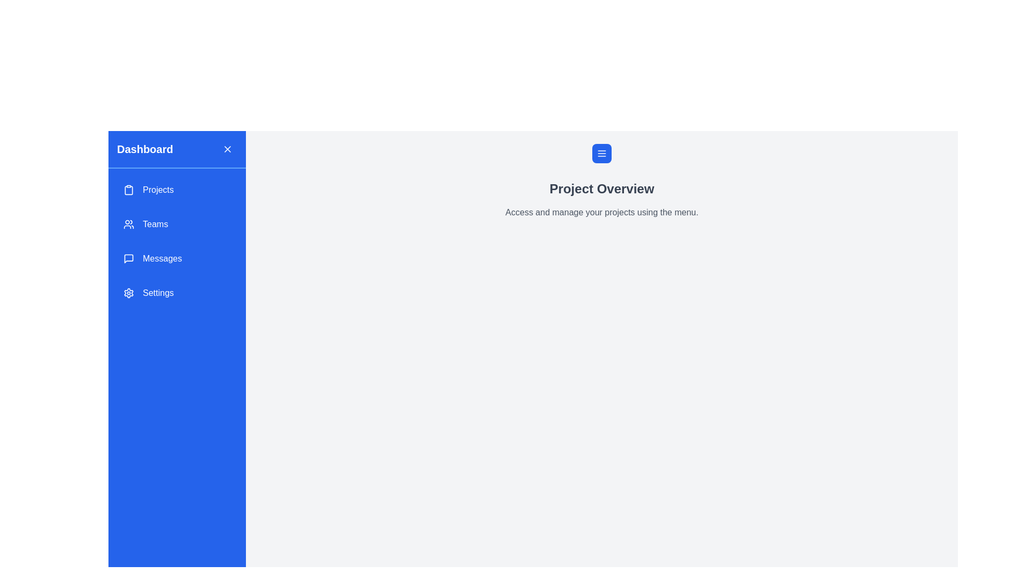  What do you see at coordinates (602, 213) in the screenshot?
I see `the static text element that reads 'Access and manage your projects using the menu', which is positioned below the header 'Project Overview'` at bounding box center [602, 213].